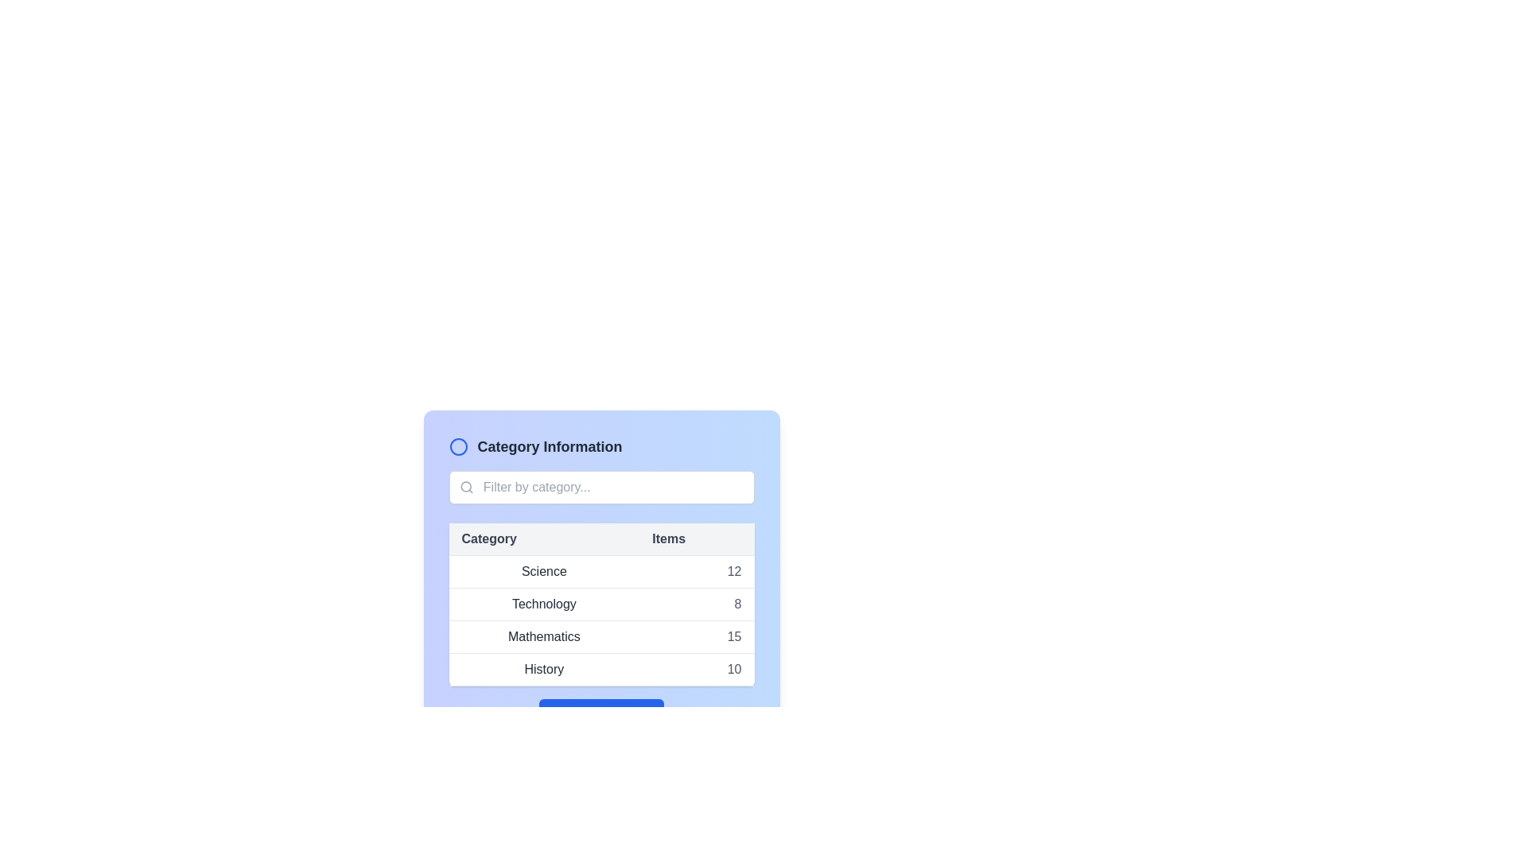  What do you see at coordinates (600, 713) in the screenshot?
I see `the button located at the bottom of the panel, below the table displaying categories and item counts` at bounding box center [600, 713].